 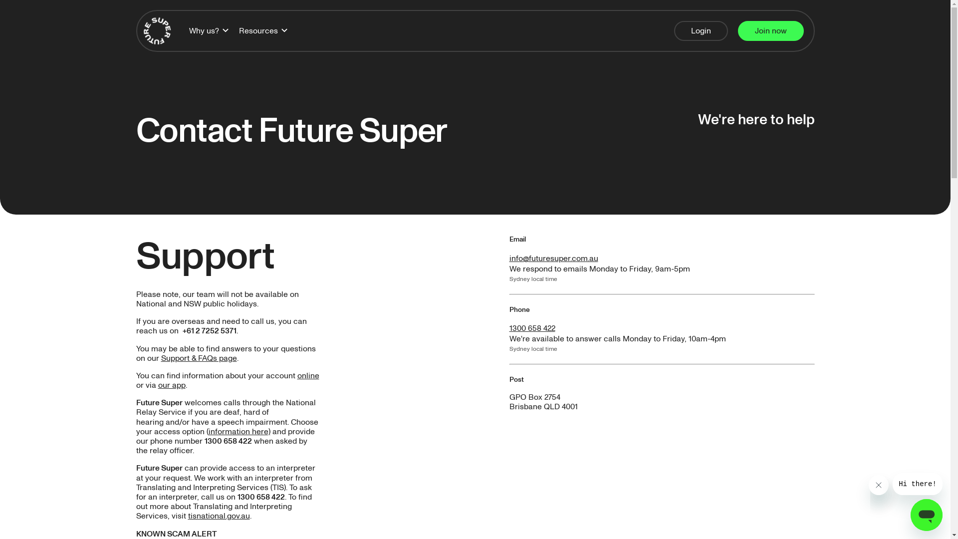 What do you see at coordinates (926, 515) in the screenshot?
I see `'Button to launch messaging window'` at bounding box center [926, 515].